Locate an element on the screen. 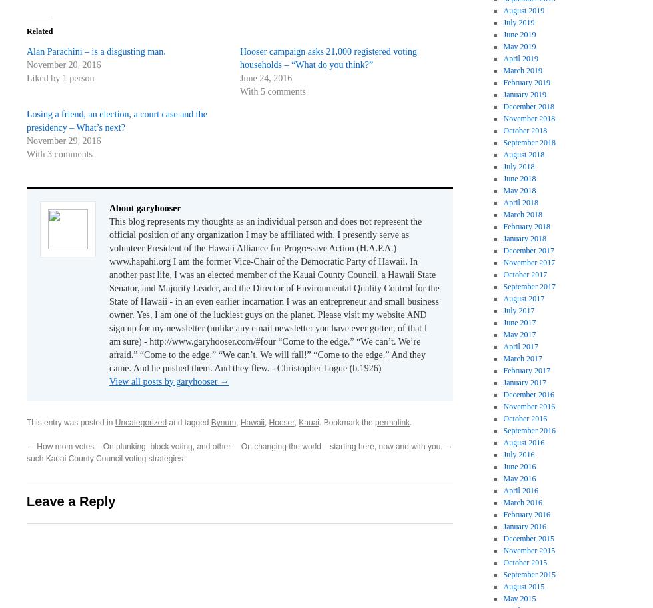 The width and height of the screenshot is (653, 608). 'September 2016' is located at coordinates (528, 429).